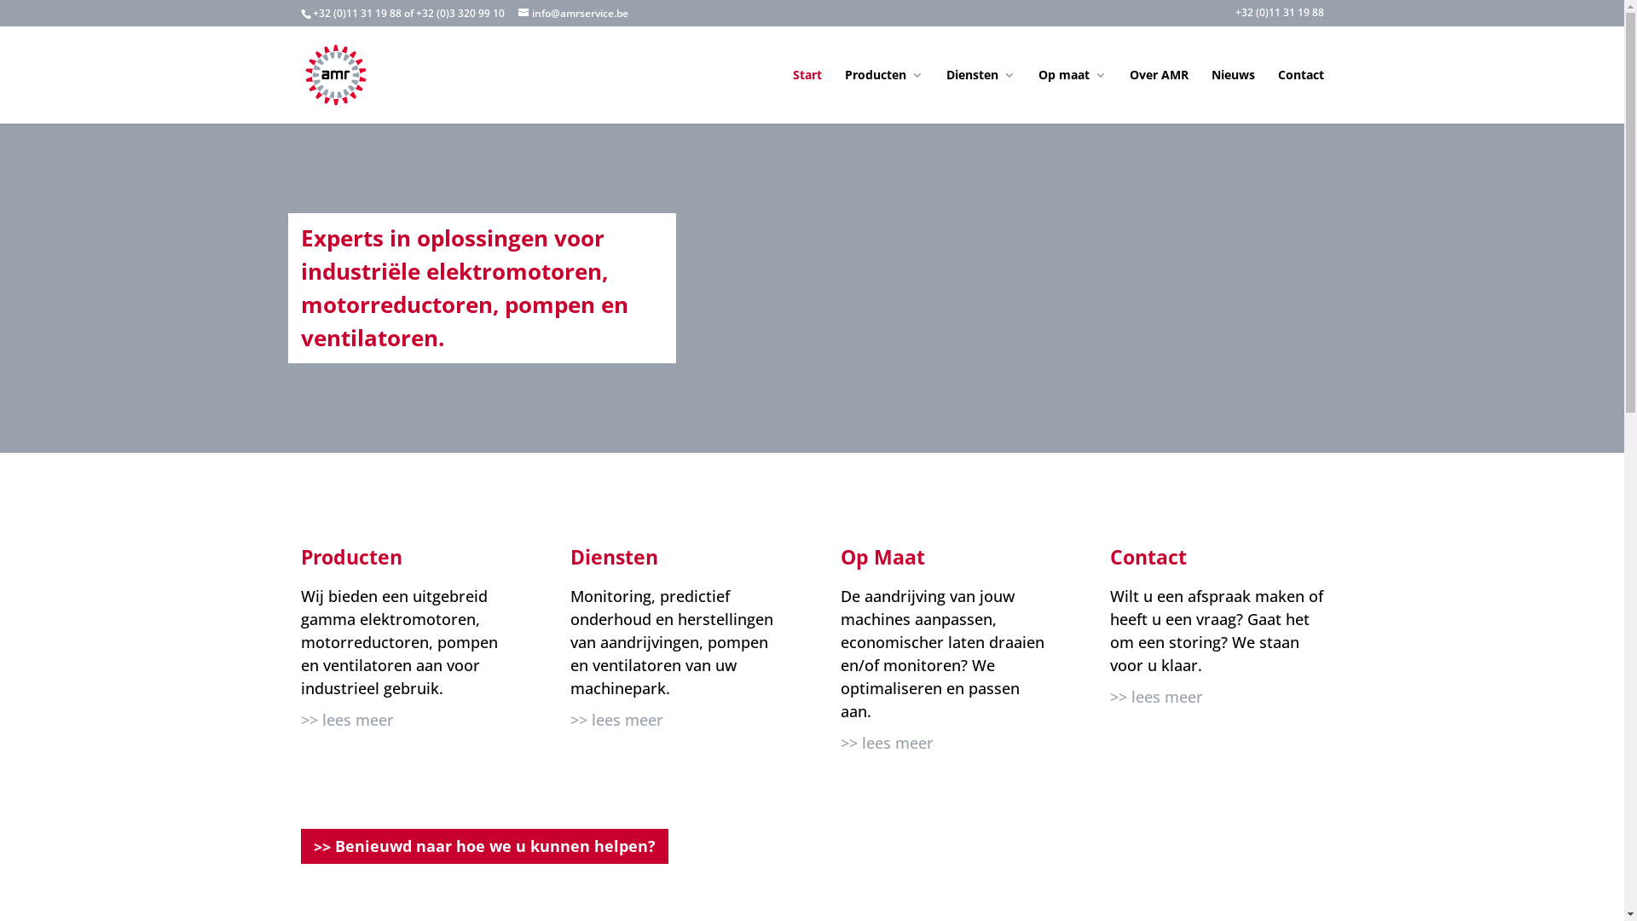 Image resolution: width=1637 pixels, height=921 pixels. I want to click on 'Op maat', so click(1071, 96).